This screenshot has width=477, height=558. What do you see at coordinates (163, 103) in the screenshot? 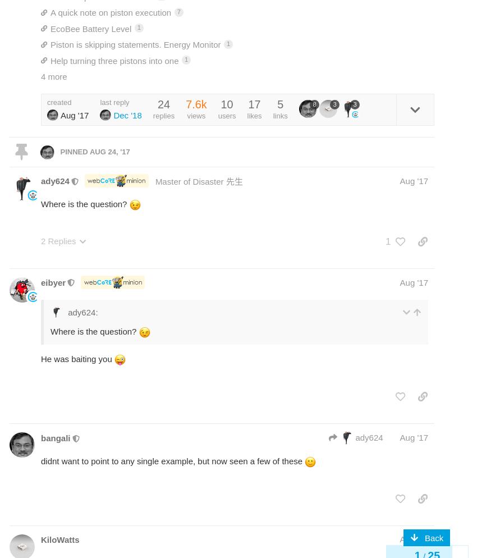
I see `'24'` at bounding box center [163, 103].